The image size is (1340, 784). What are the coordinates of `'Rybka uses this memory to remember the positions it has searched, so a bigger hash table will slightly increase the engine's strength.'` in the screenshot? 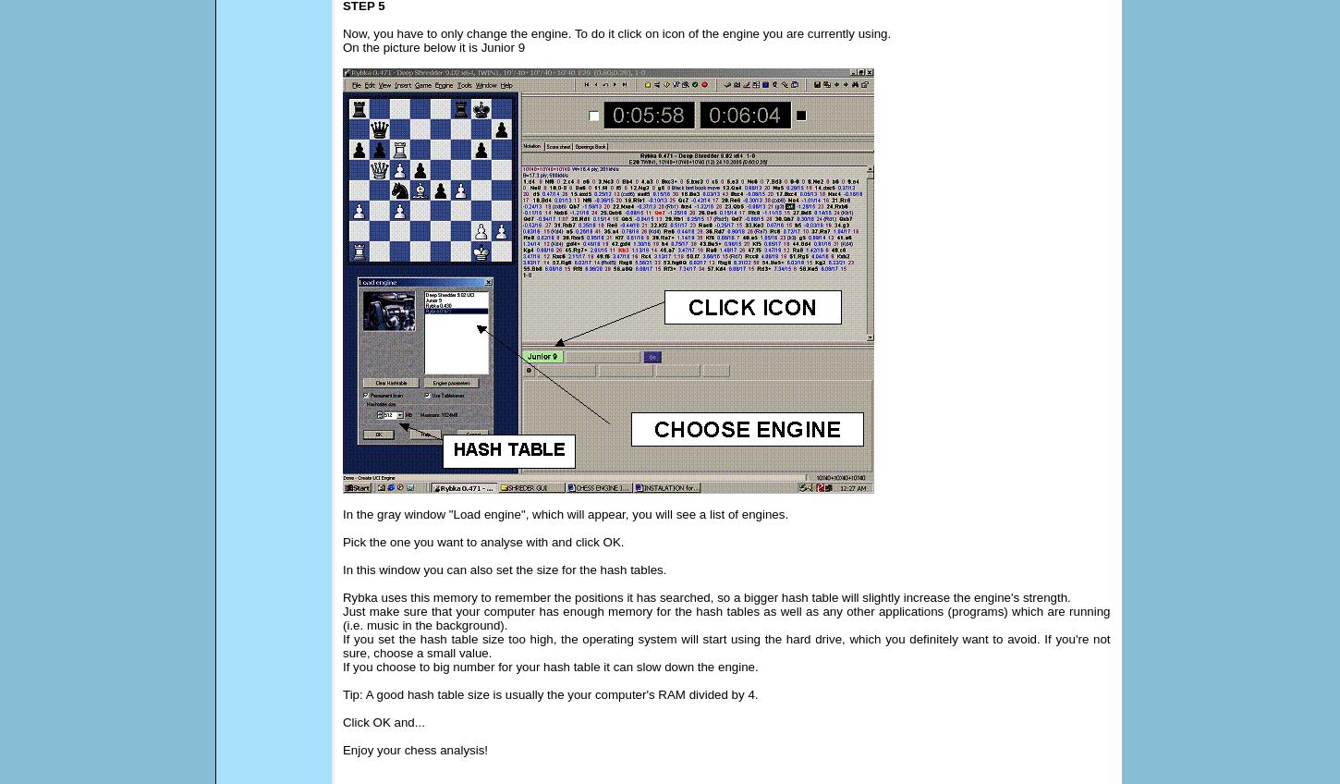 It's located at (706, 596).